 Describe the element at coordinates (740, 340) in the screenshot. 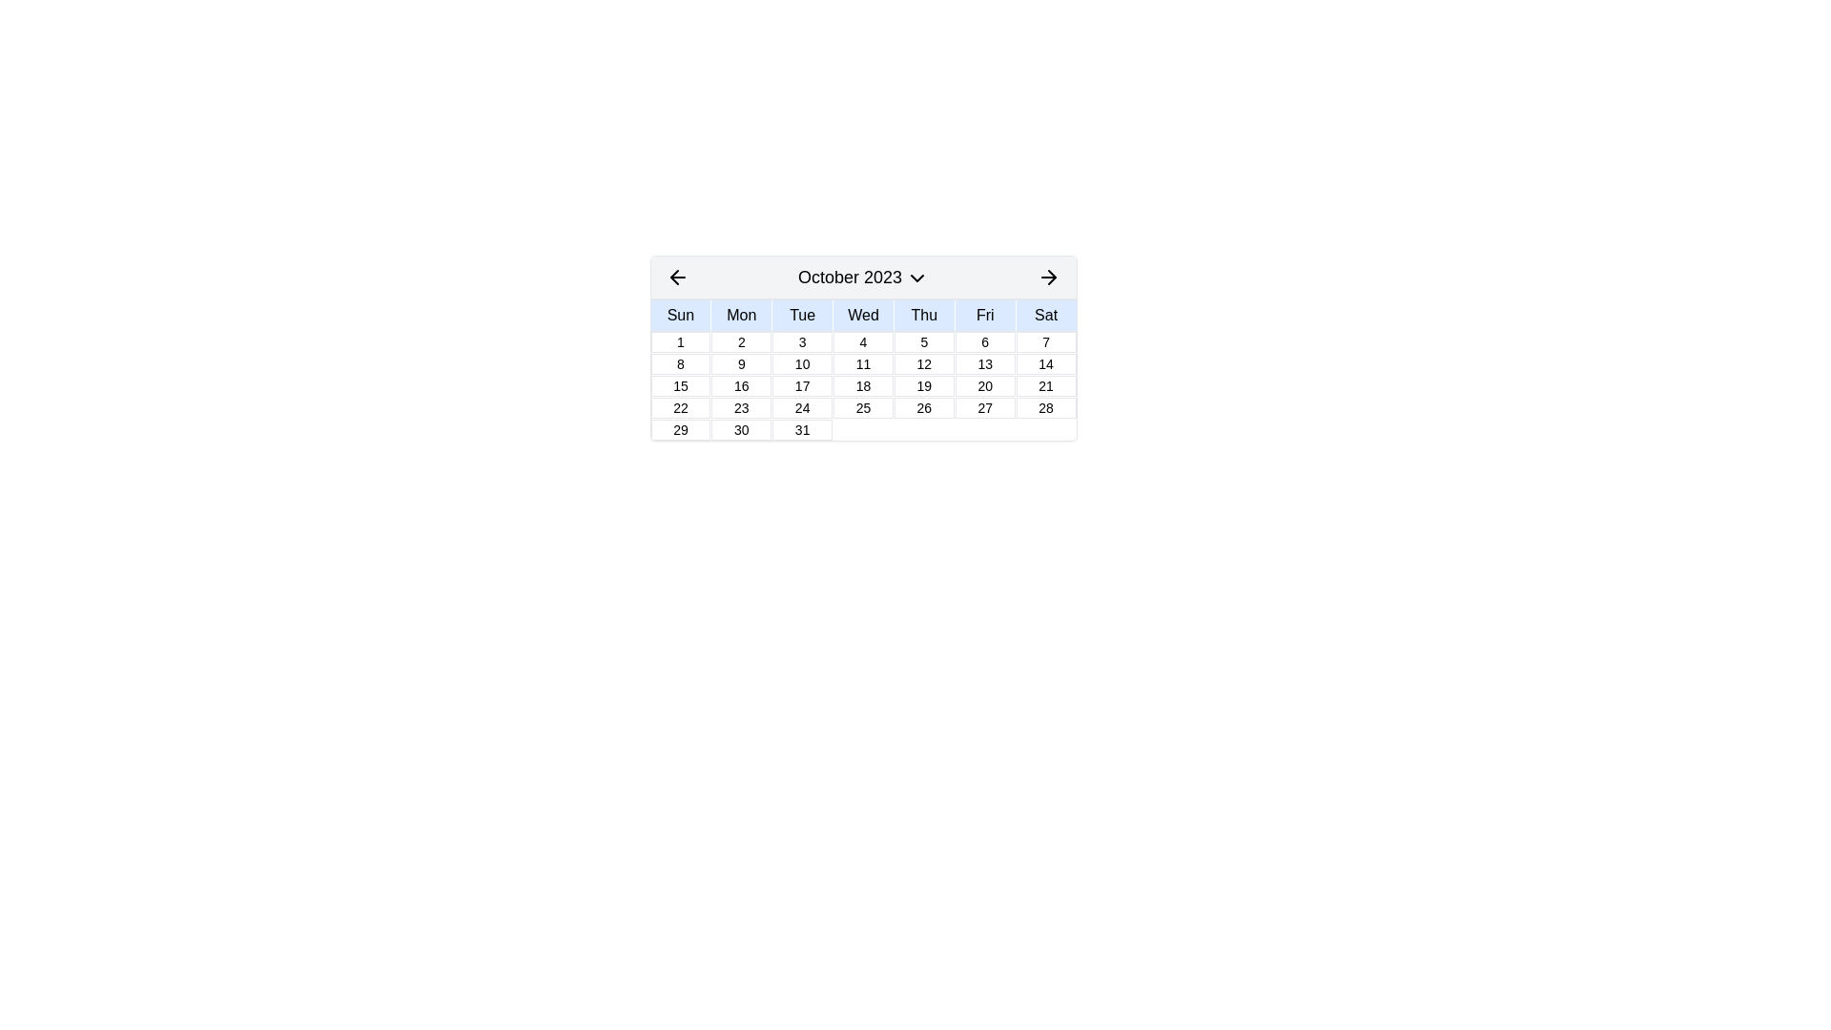

I see `text of the second day of the month label in the calendar widget located under the 'Mon' column` at that location.